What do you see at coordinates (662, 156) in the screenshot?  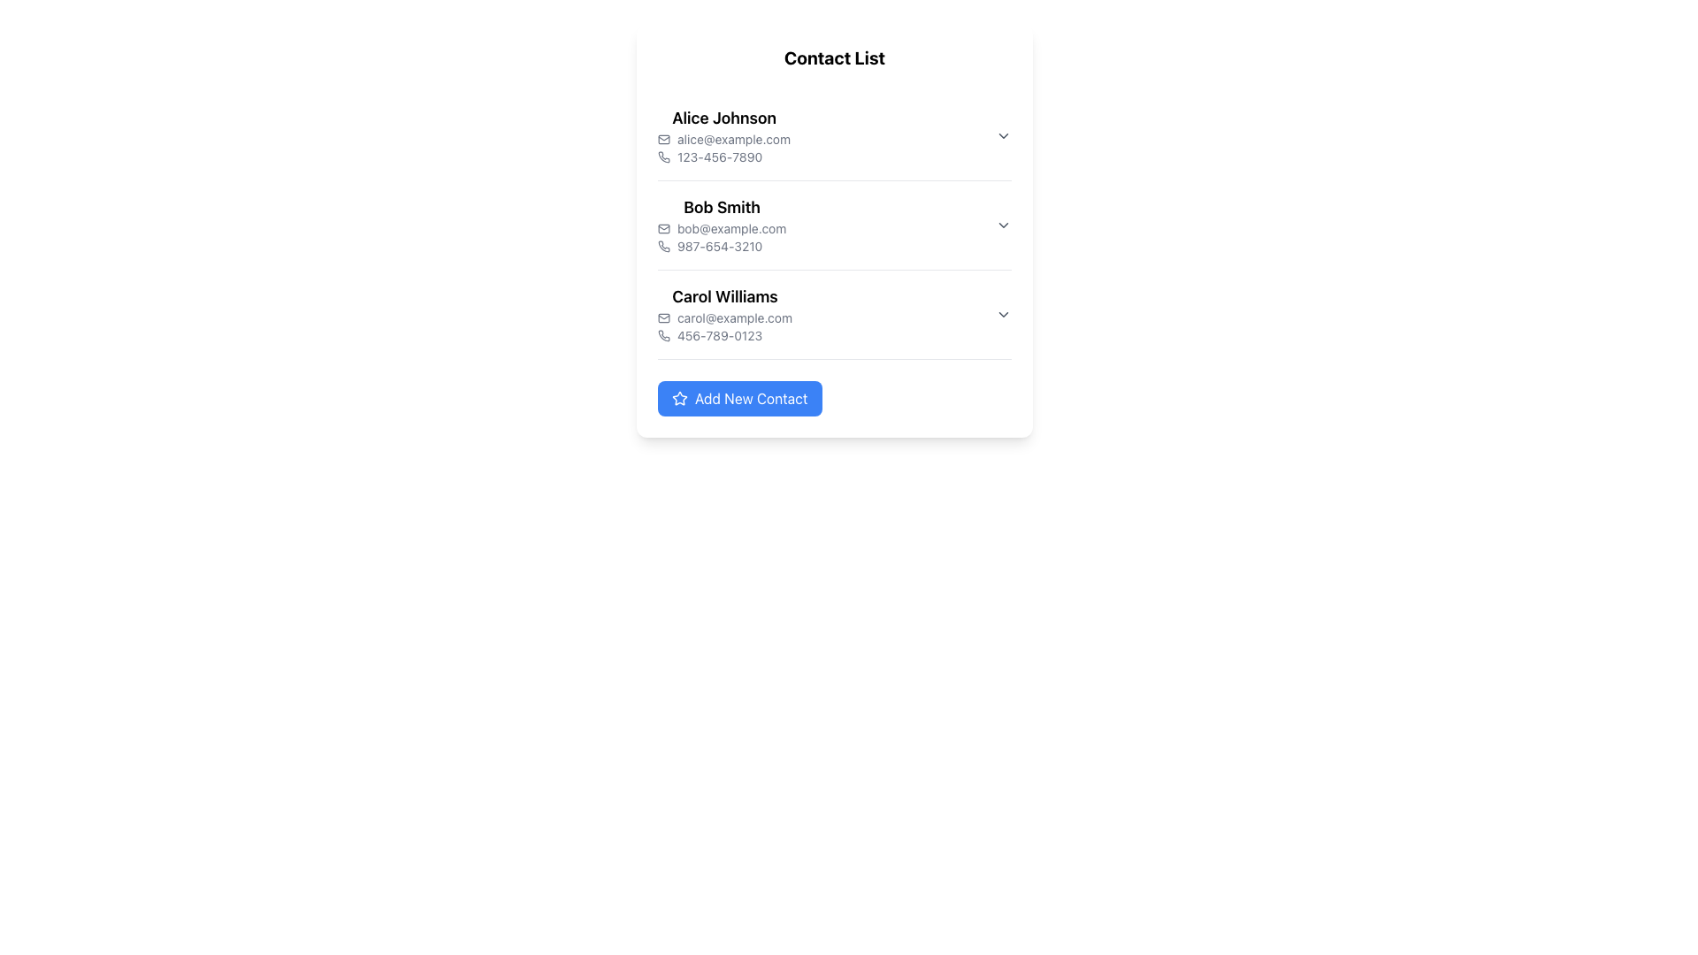 I see `the phone number icon located to the left of the text '123-456-7890' in the contact list UI, which serves as a visual indicator for phone number entry` at bounding box center [662, 156].